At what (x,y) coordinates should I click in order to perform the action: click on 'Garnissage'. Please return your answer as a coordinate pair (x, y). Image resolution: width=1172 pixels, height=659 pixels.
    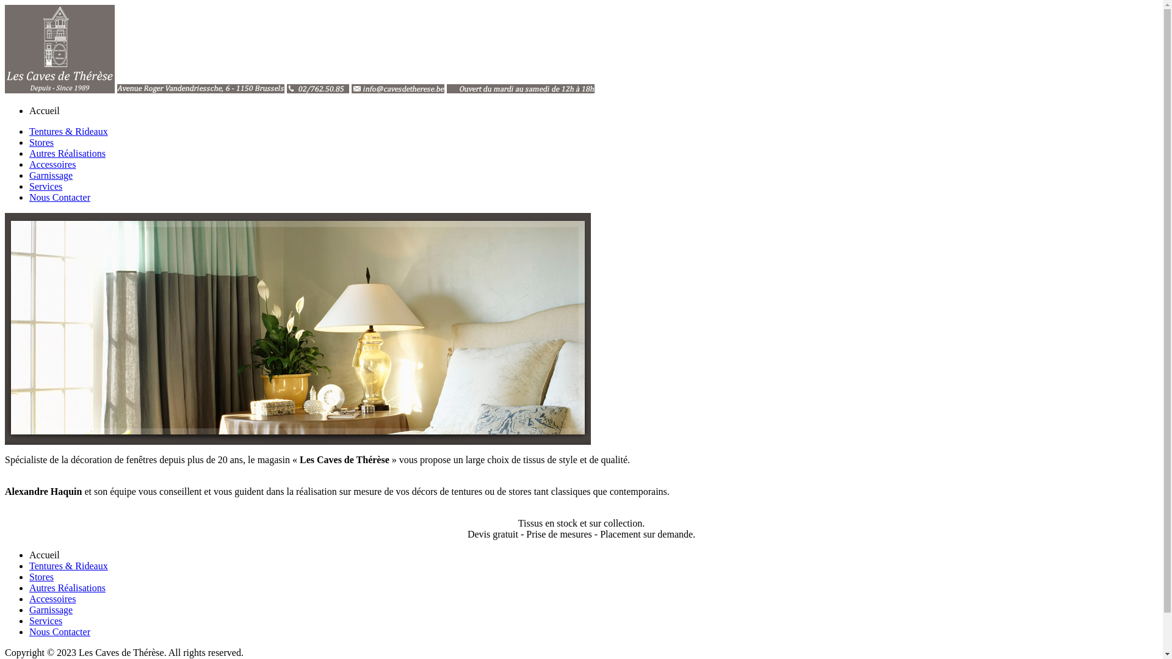
    Looking at the image, I should click on (29, 175).